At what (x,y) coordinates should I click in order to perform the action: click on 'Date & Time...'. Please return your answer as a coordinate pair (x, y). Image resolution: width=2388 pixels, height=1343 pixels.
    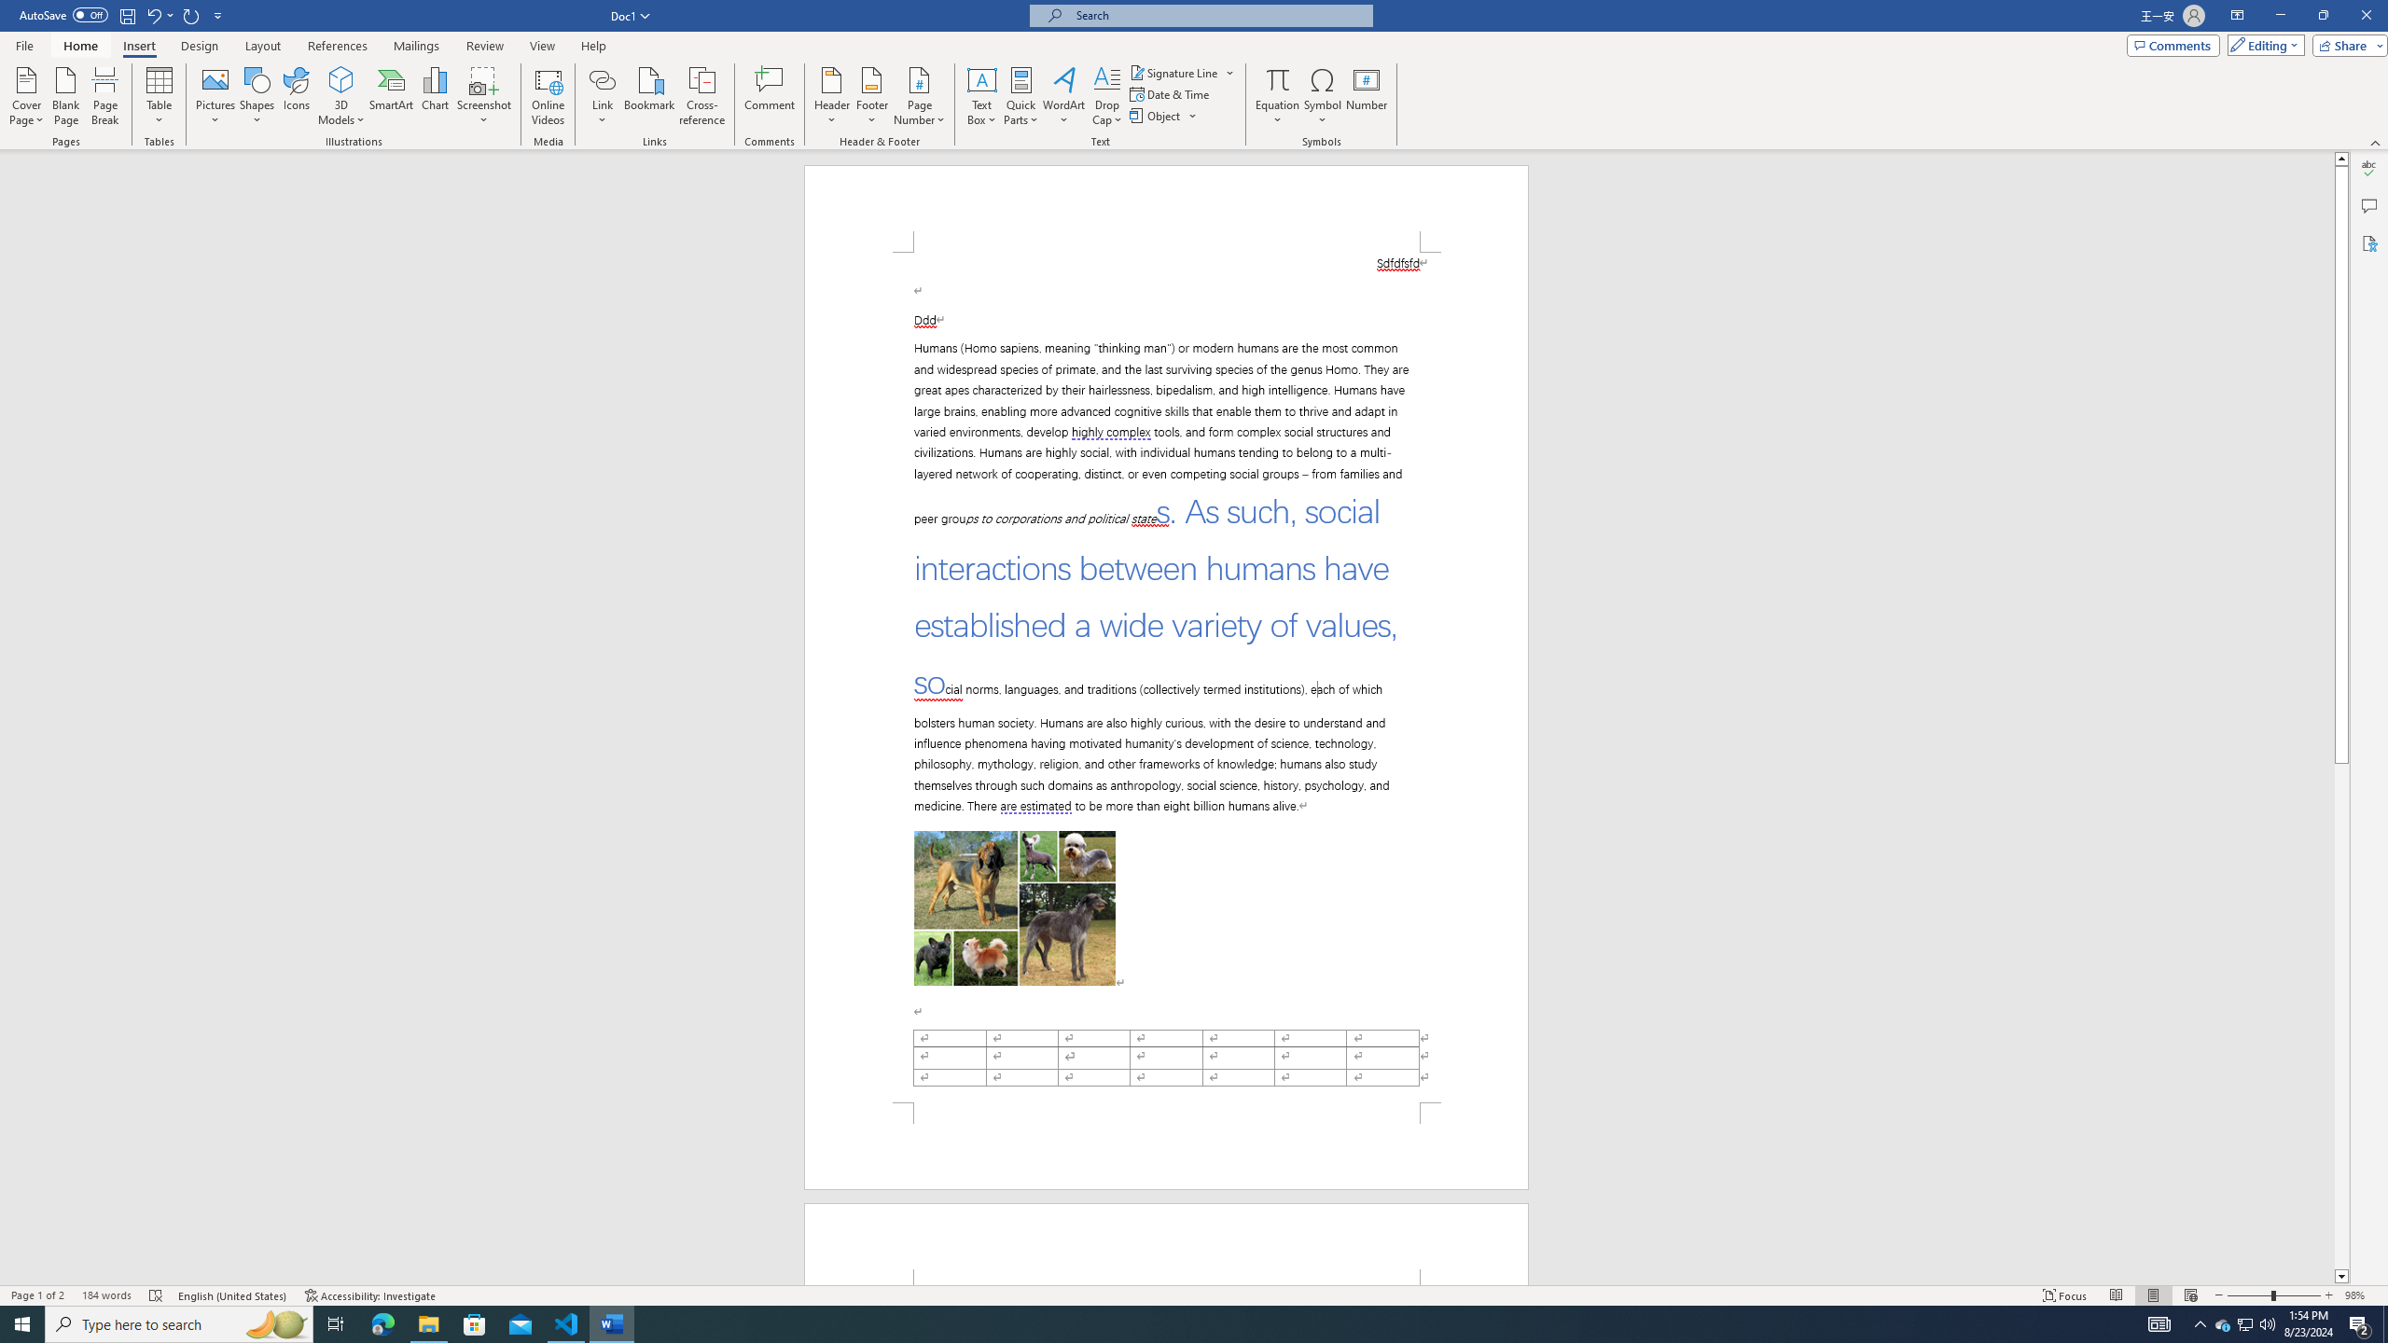
    Looking at the image, I should click on (1171, 92).